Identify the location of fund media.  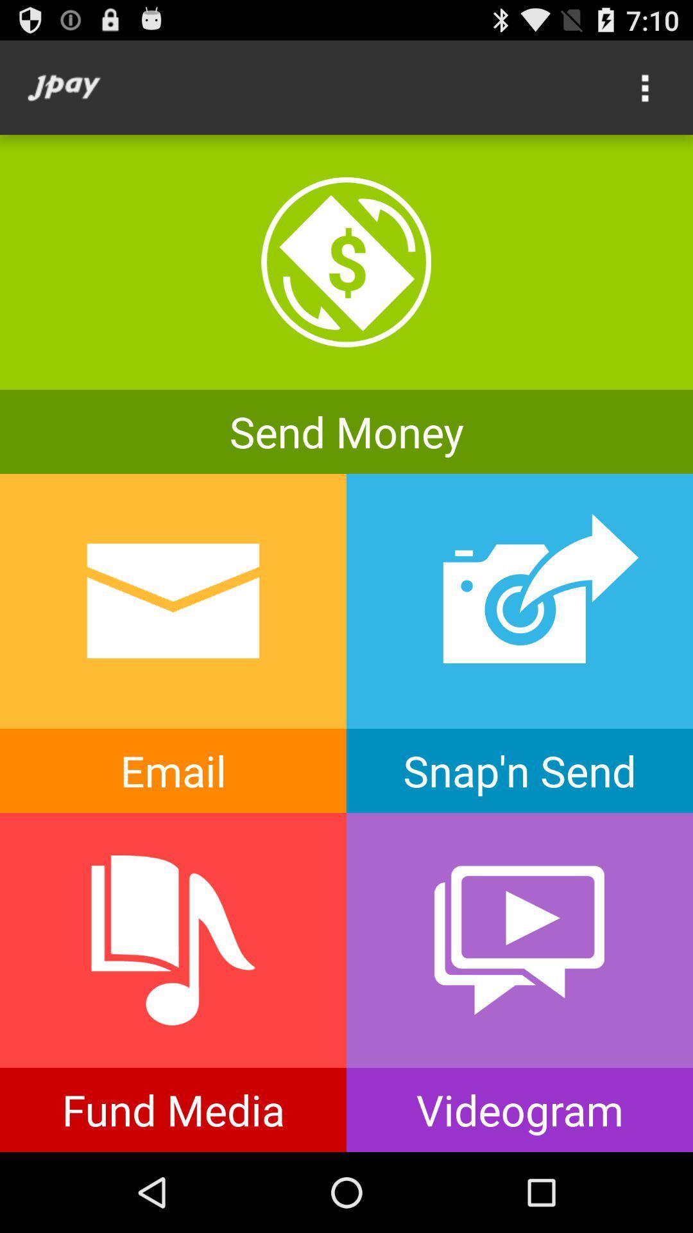
(173, 982).